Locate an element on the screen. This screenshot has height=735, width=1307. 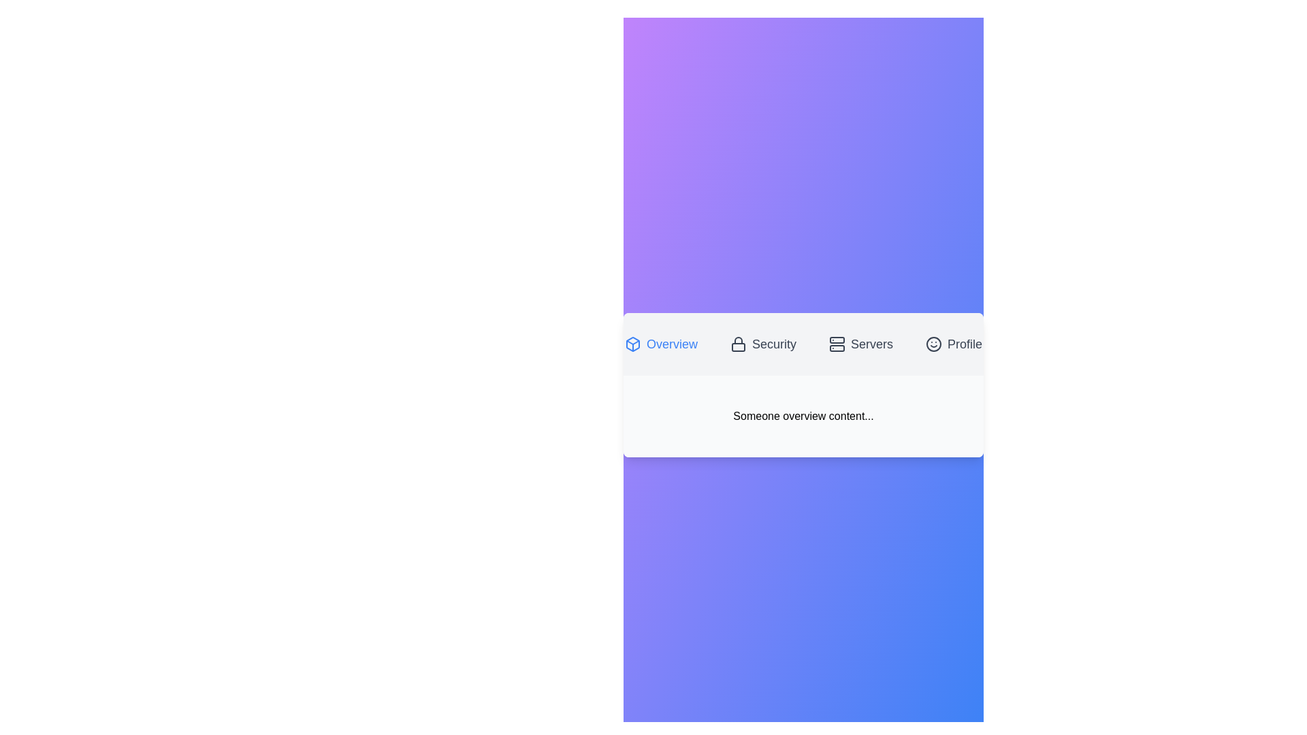
the smiling face icon located in the 'Profile' menu option at the far-right end of the horizontal navigation bar is located at coordinates (933, 343).